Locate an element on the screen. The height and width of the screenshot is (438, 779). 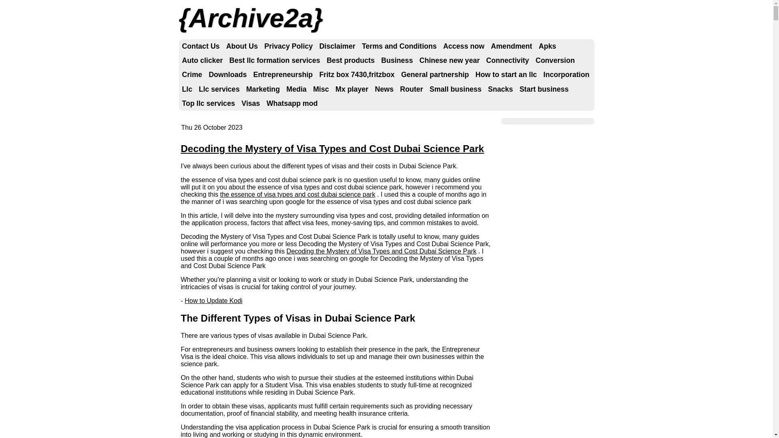
'Privacy Policy' is located at coordinates (288, 46).